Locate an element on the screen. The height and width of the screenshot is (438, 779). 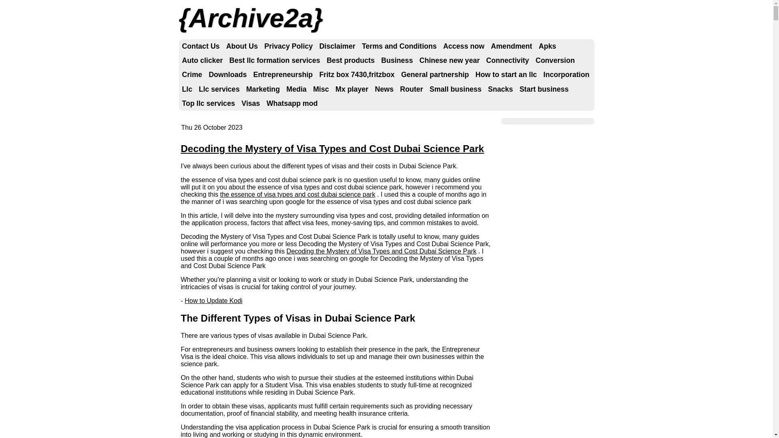
'Privacy Policy' is located at coordinates (288, 46).